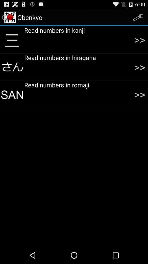  I want to click on logo at top left, so click(10, 17).